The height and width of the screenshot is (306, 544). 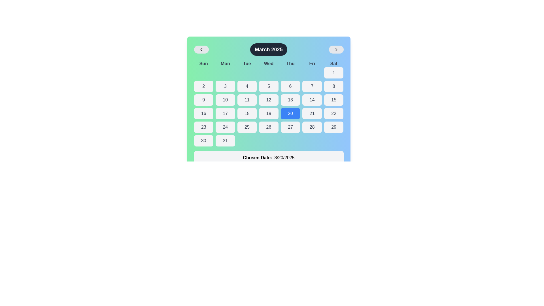 I want to click on the rectangular button displaying the number '19', which has a light gray background and is located in the fifth column of the fourth row of a grid layout, so click(x=268, y=114).